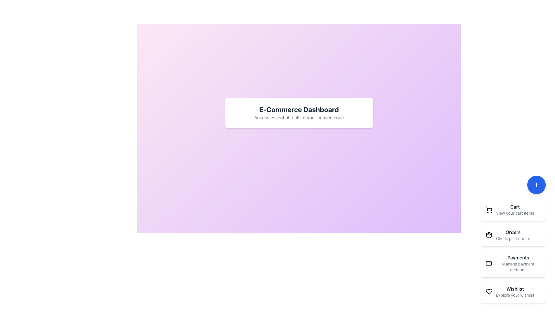 The width and height of the screenshot is (555, 312). Describe the element at coordinates (518, 257) in the screenshot. I see `the 'Payments' static text label, which is the header of a list item in the vertical navigation menu on the right side of the interface` at that location.